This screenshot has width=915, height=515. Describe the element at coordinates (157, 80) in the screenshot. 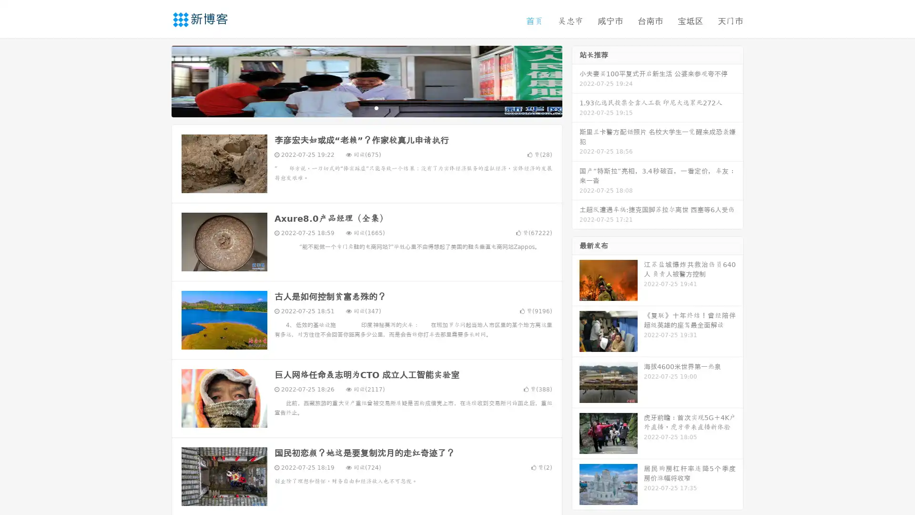

I see `Previous slide` at that location.